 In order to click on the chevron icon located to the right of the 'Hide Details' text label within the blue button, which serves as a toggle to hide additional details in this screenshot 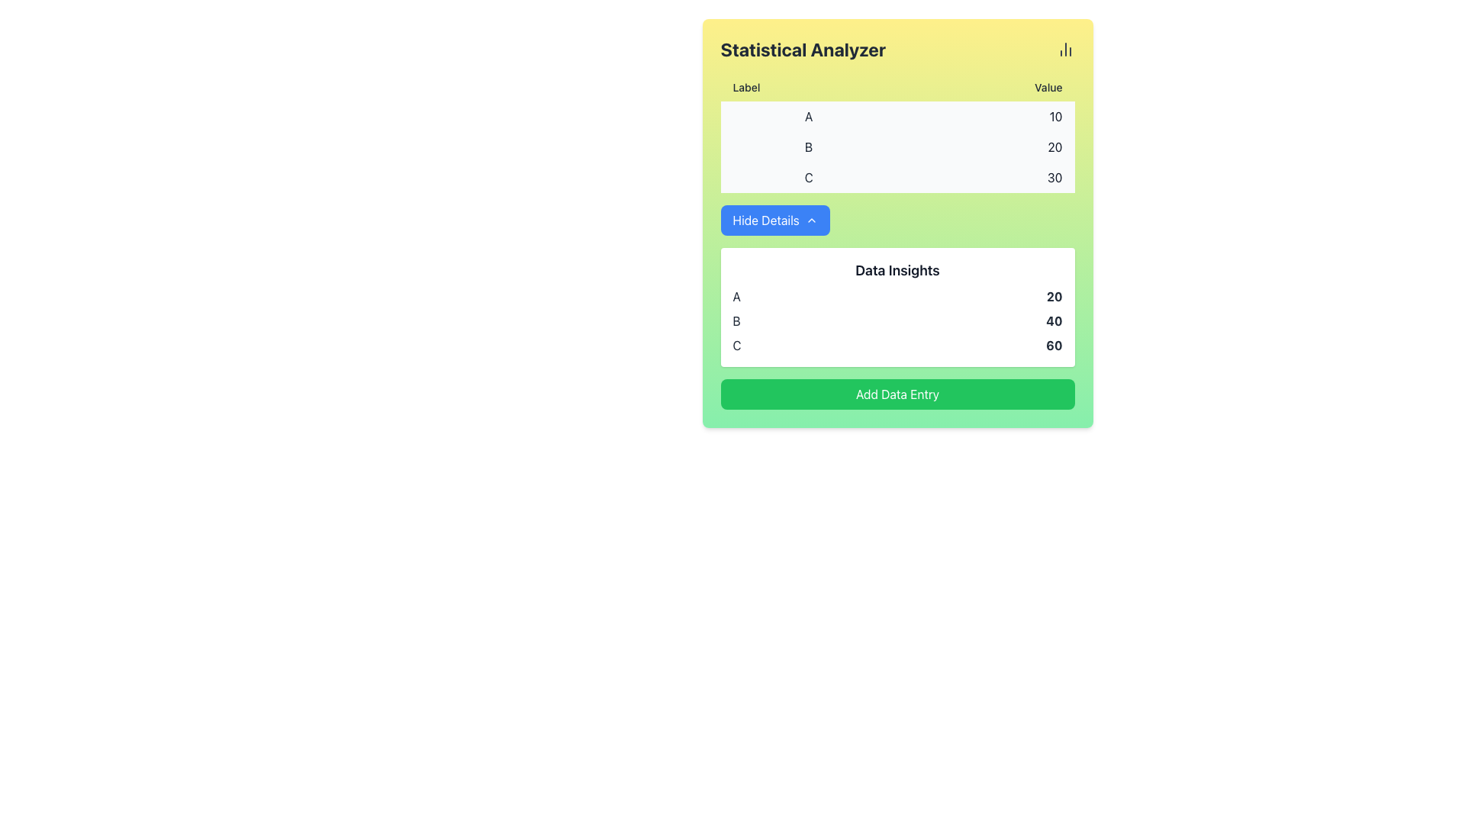, I will do `click(810, 220)`.